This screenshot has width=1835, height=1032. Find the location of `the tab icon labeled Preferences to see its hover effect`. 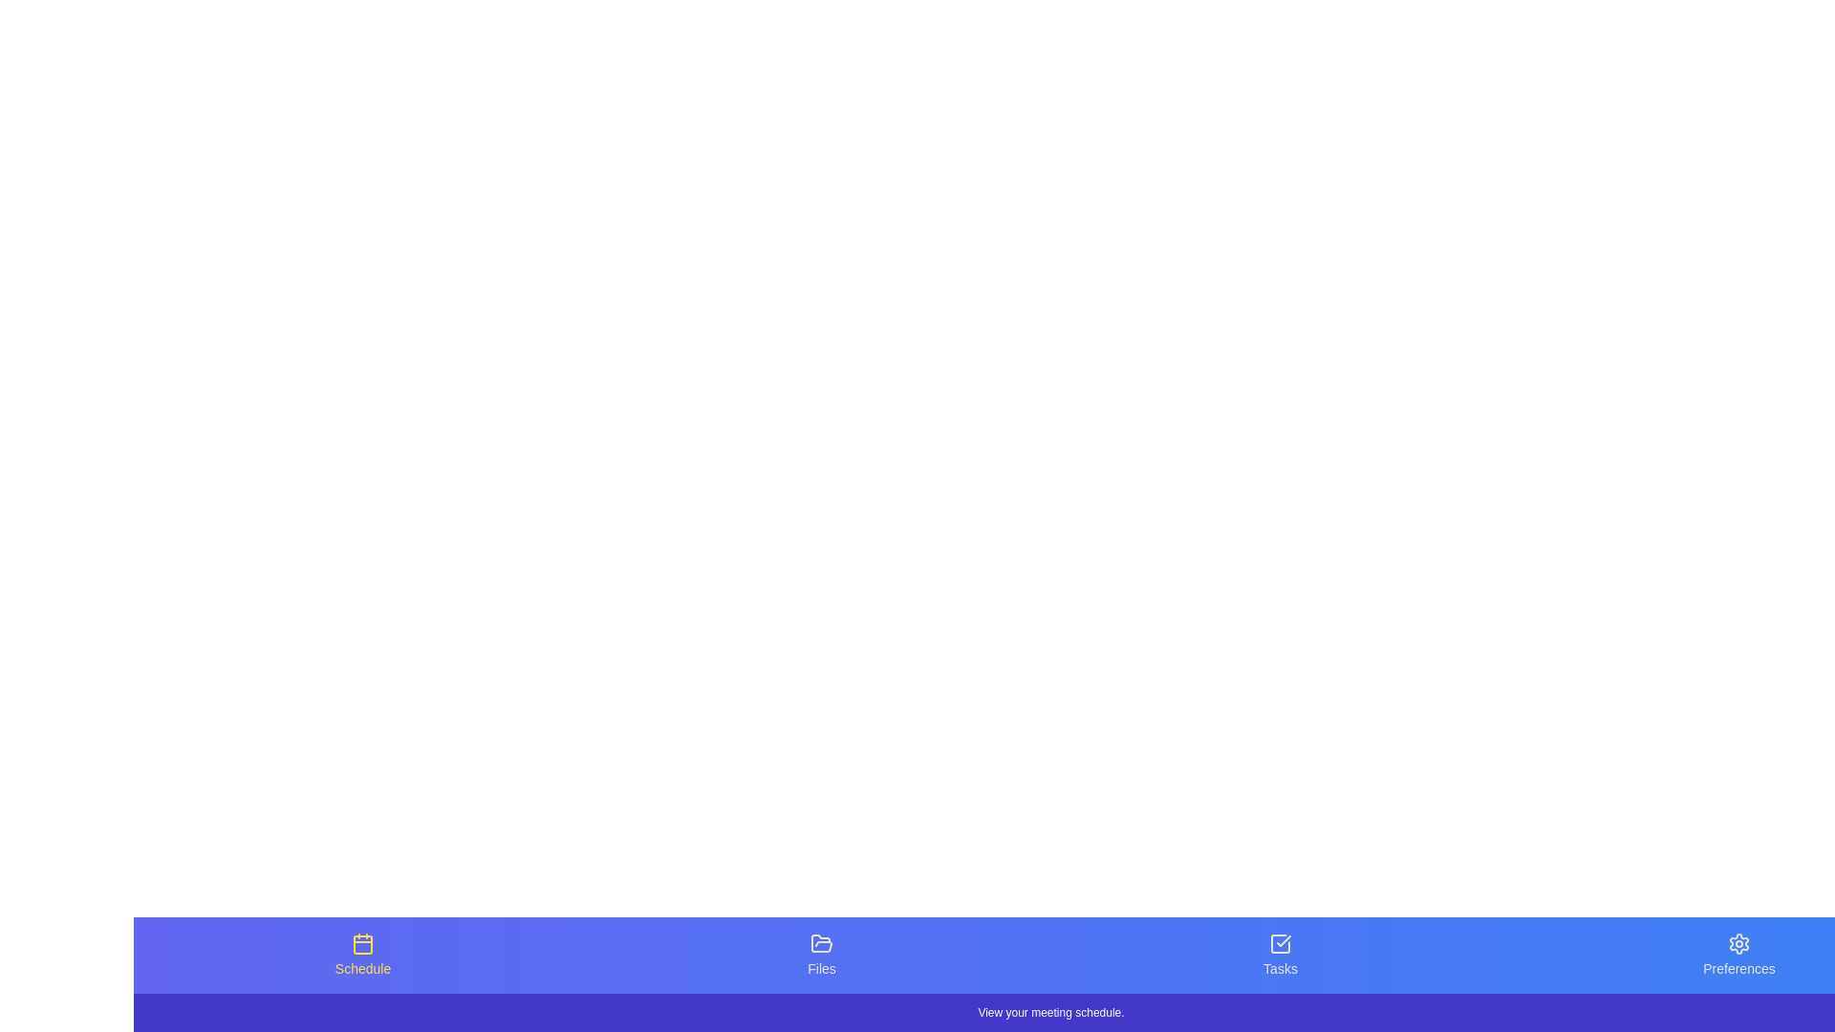

the tab icon labeled Preferences to see its hover effect is located at coordinates (1738, 955).